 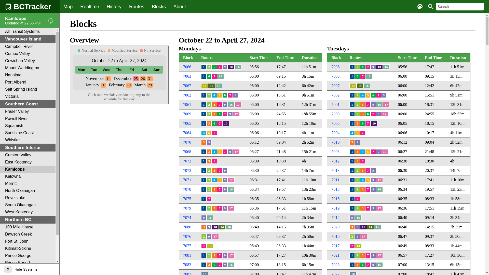 What do you see at coordinates (230, 66) in the screenshot?
I see `'10'` at bounding box center [230, 66].